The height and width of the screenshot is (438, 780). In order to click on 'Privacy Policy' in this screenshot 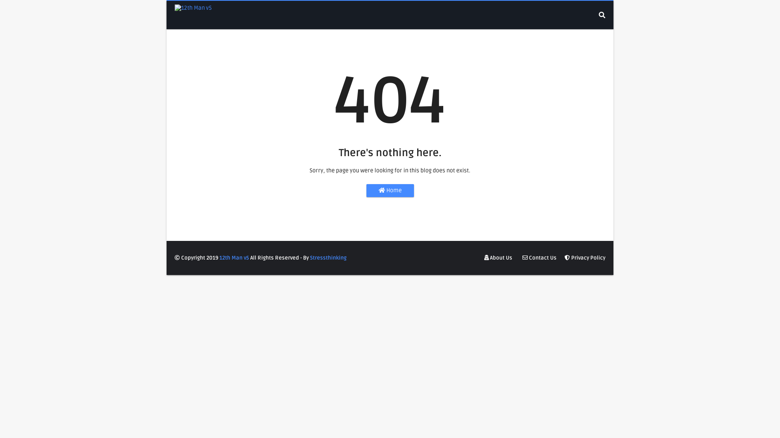, I will do `click(562, 258)`.